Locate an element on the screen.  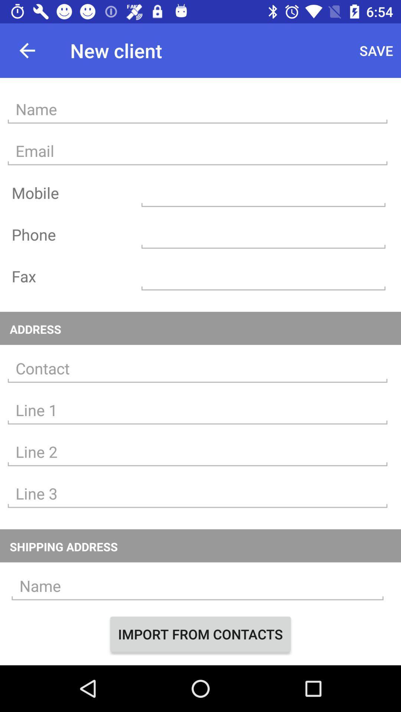
phone number is located at coordinates (263, 234).